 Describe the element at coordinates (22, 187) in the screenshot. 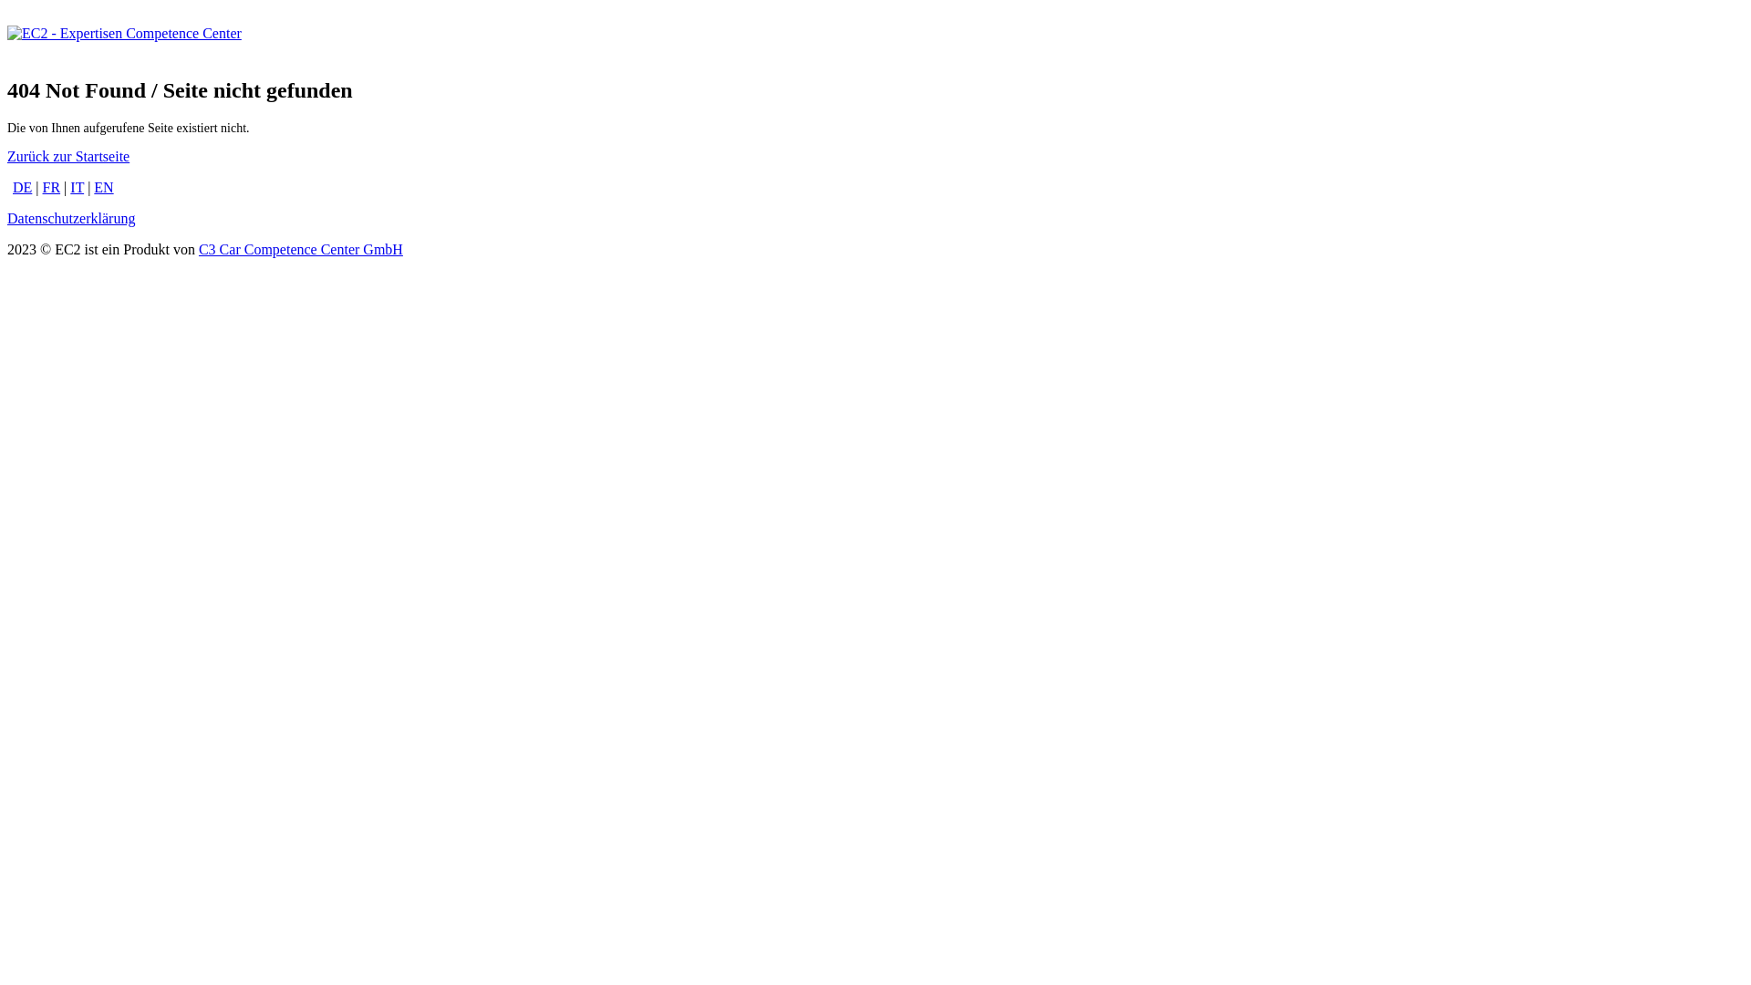

I see `'DE'` at that location.